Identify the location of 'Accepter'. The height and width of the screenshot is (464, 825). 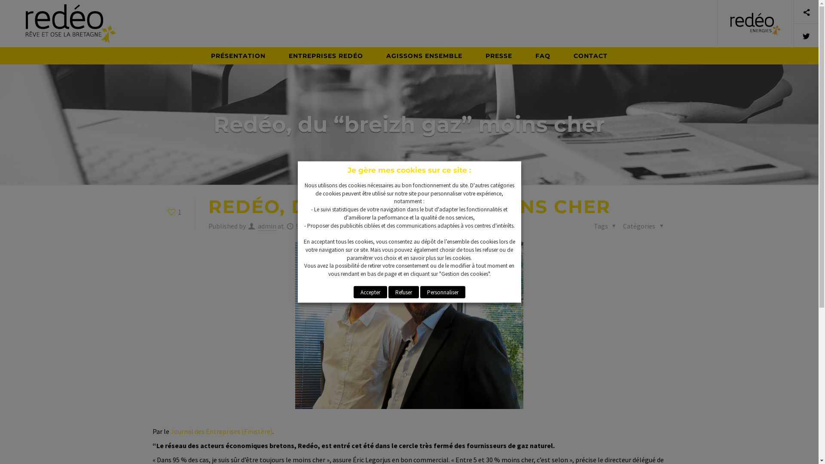
(370, 291).